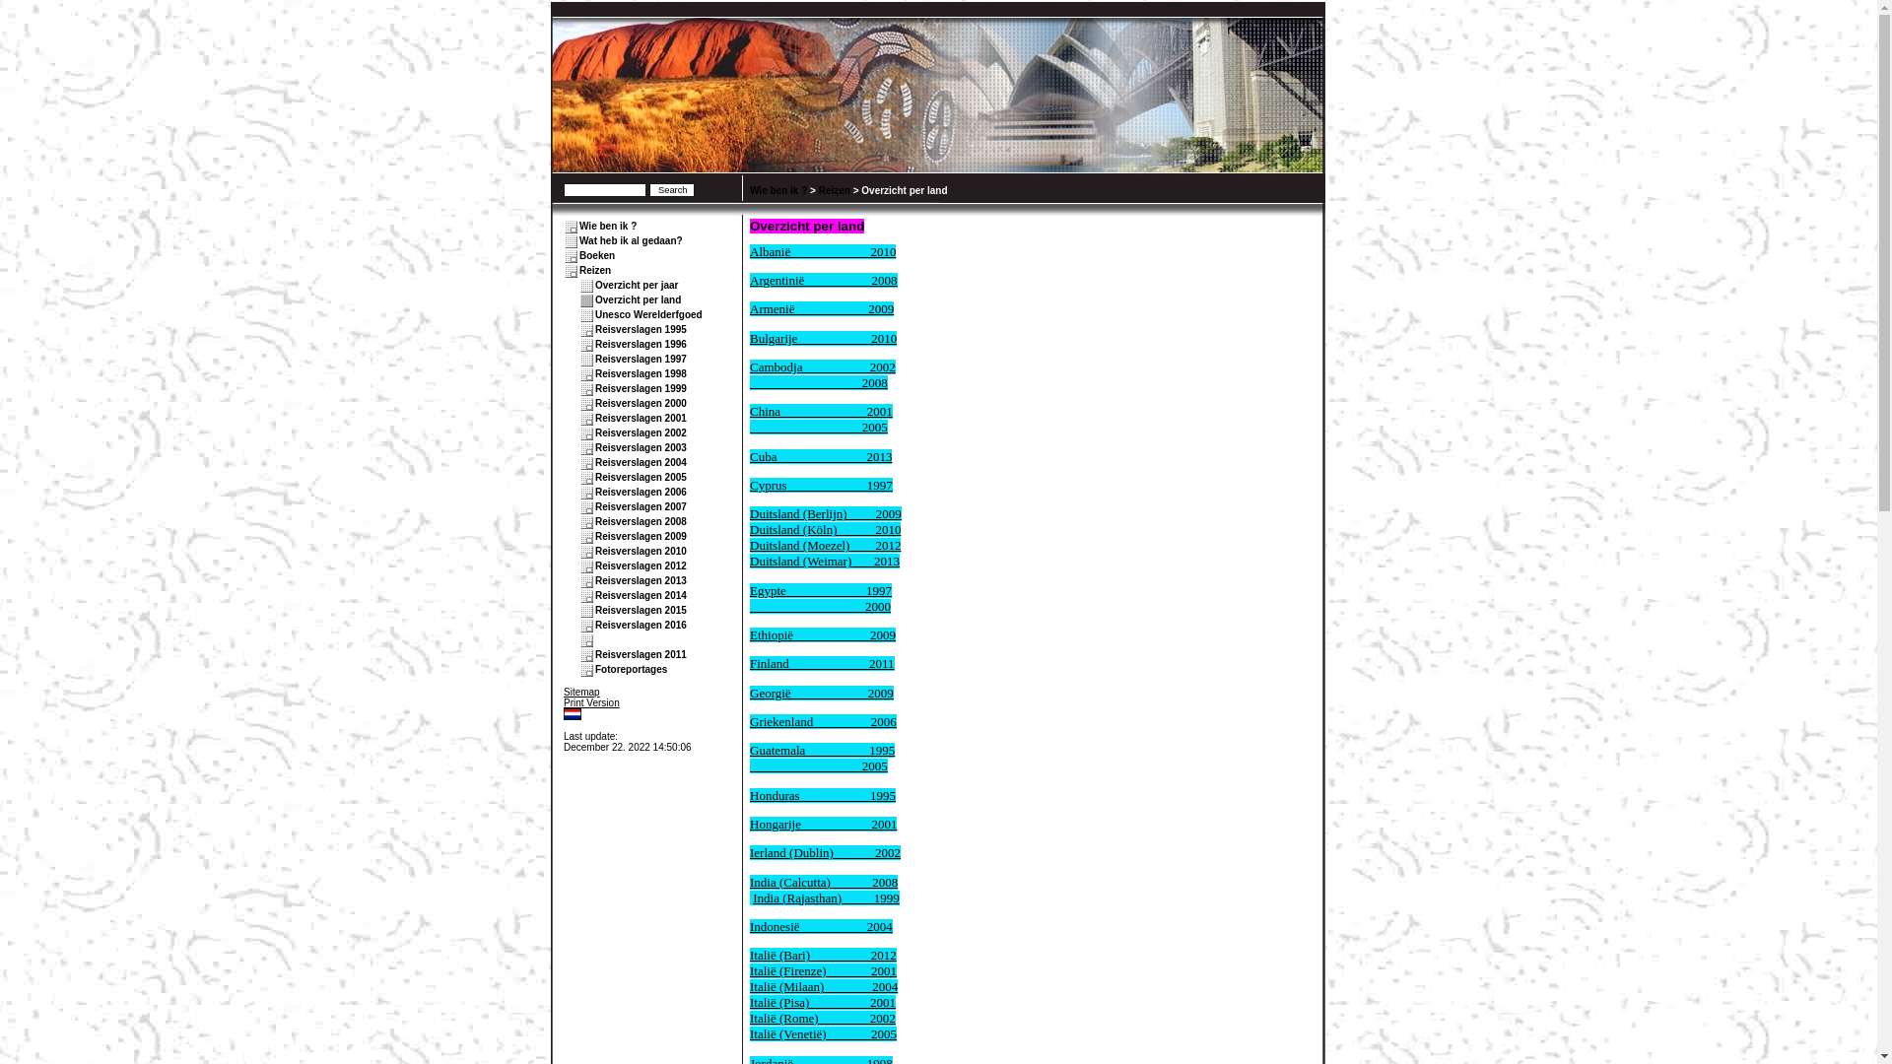  Describe the element at coordinates (823, 794) in the screenshot. I see `'Honduras                      1995'` at that location.